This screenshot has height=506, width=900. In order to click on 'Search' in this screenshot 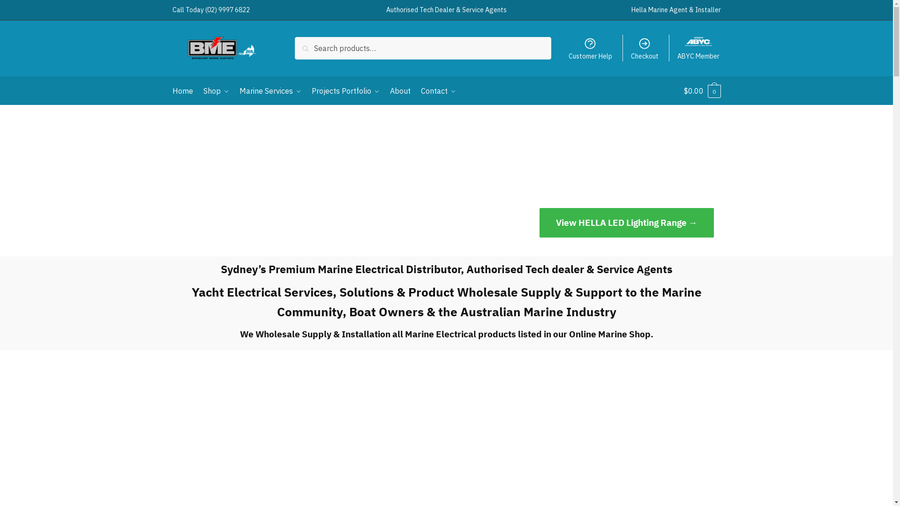, I will do `click(309, 43)`.